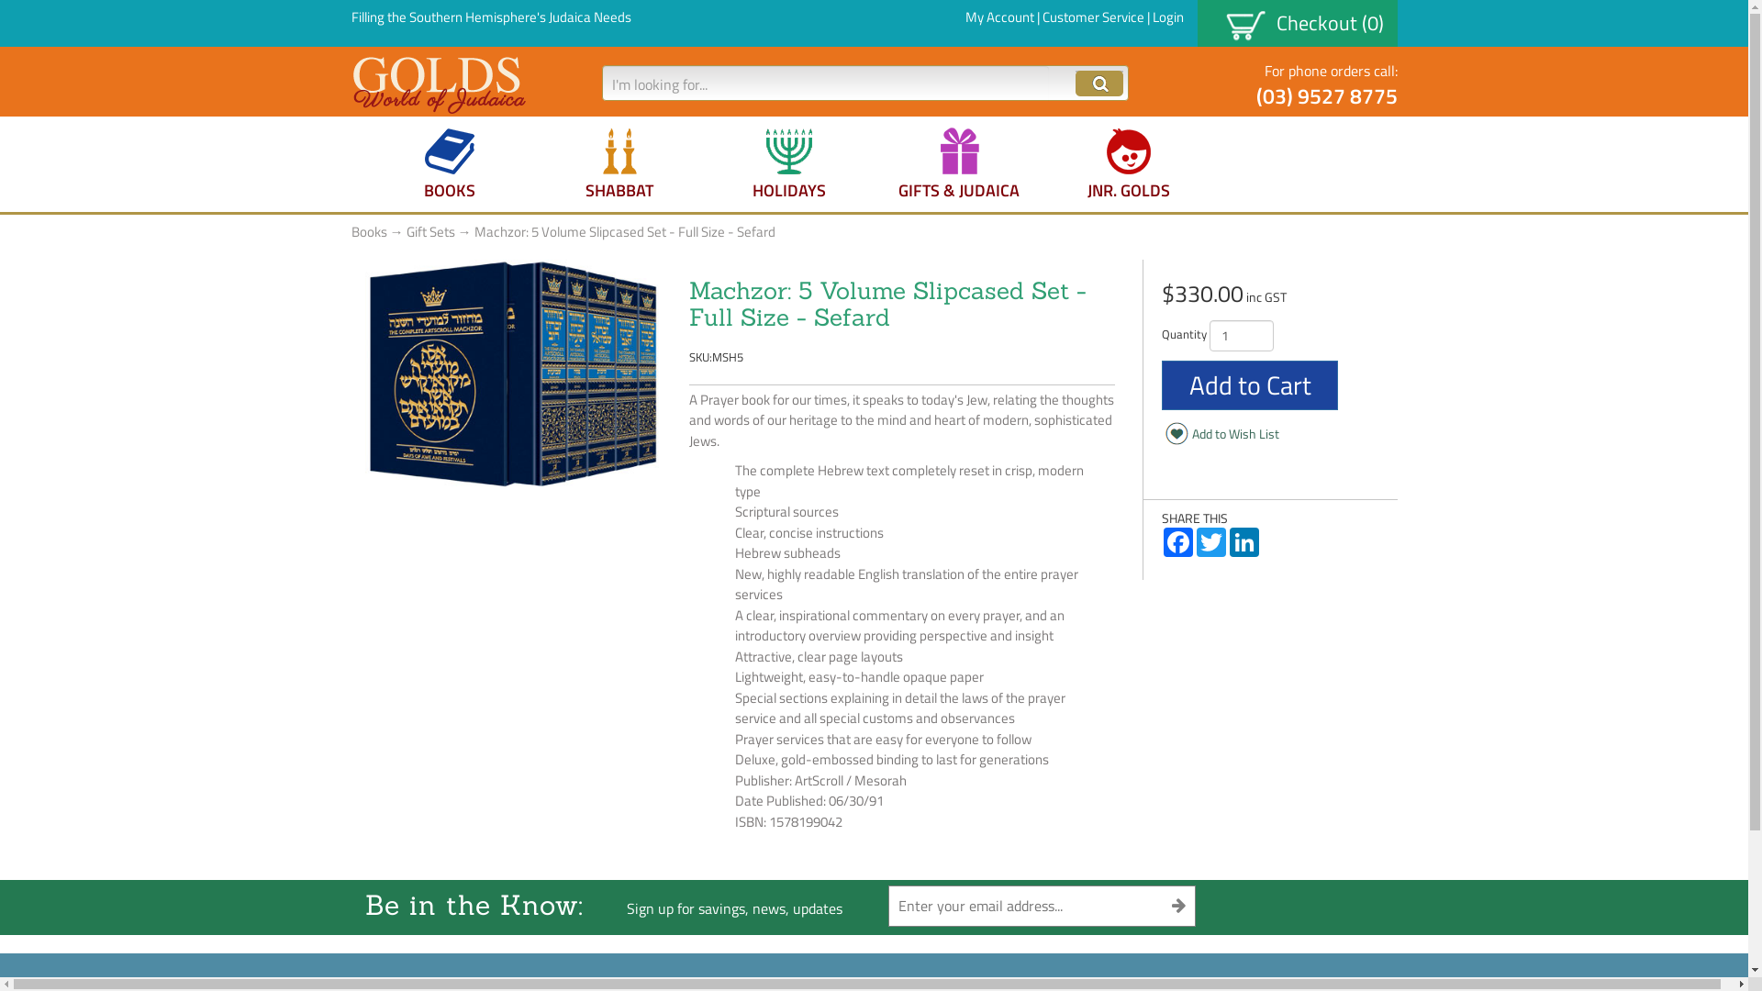  I want to click on 'Click Go to Submit', so click(1099, 84).